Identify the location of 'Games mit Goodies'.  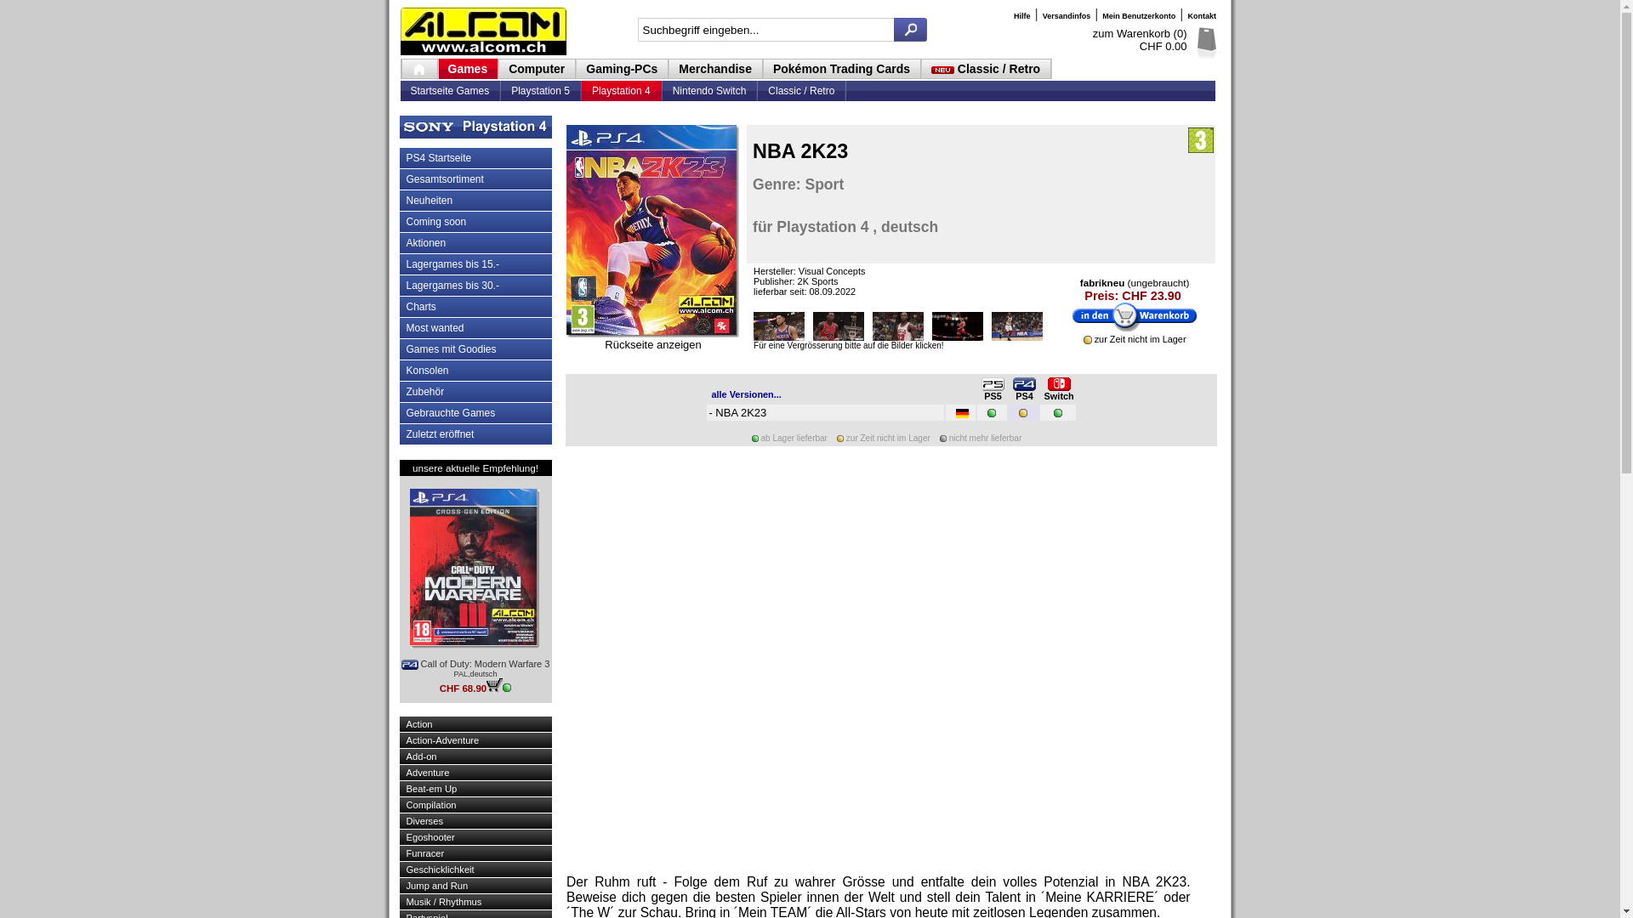
(475, 348).